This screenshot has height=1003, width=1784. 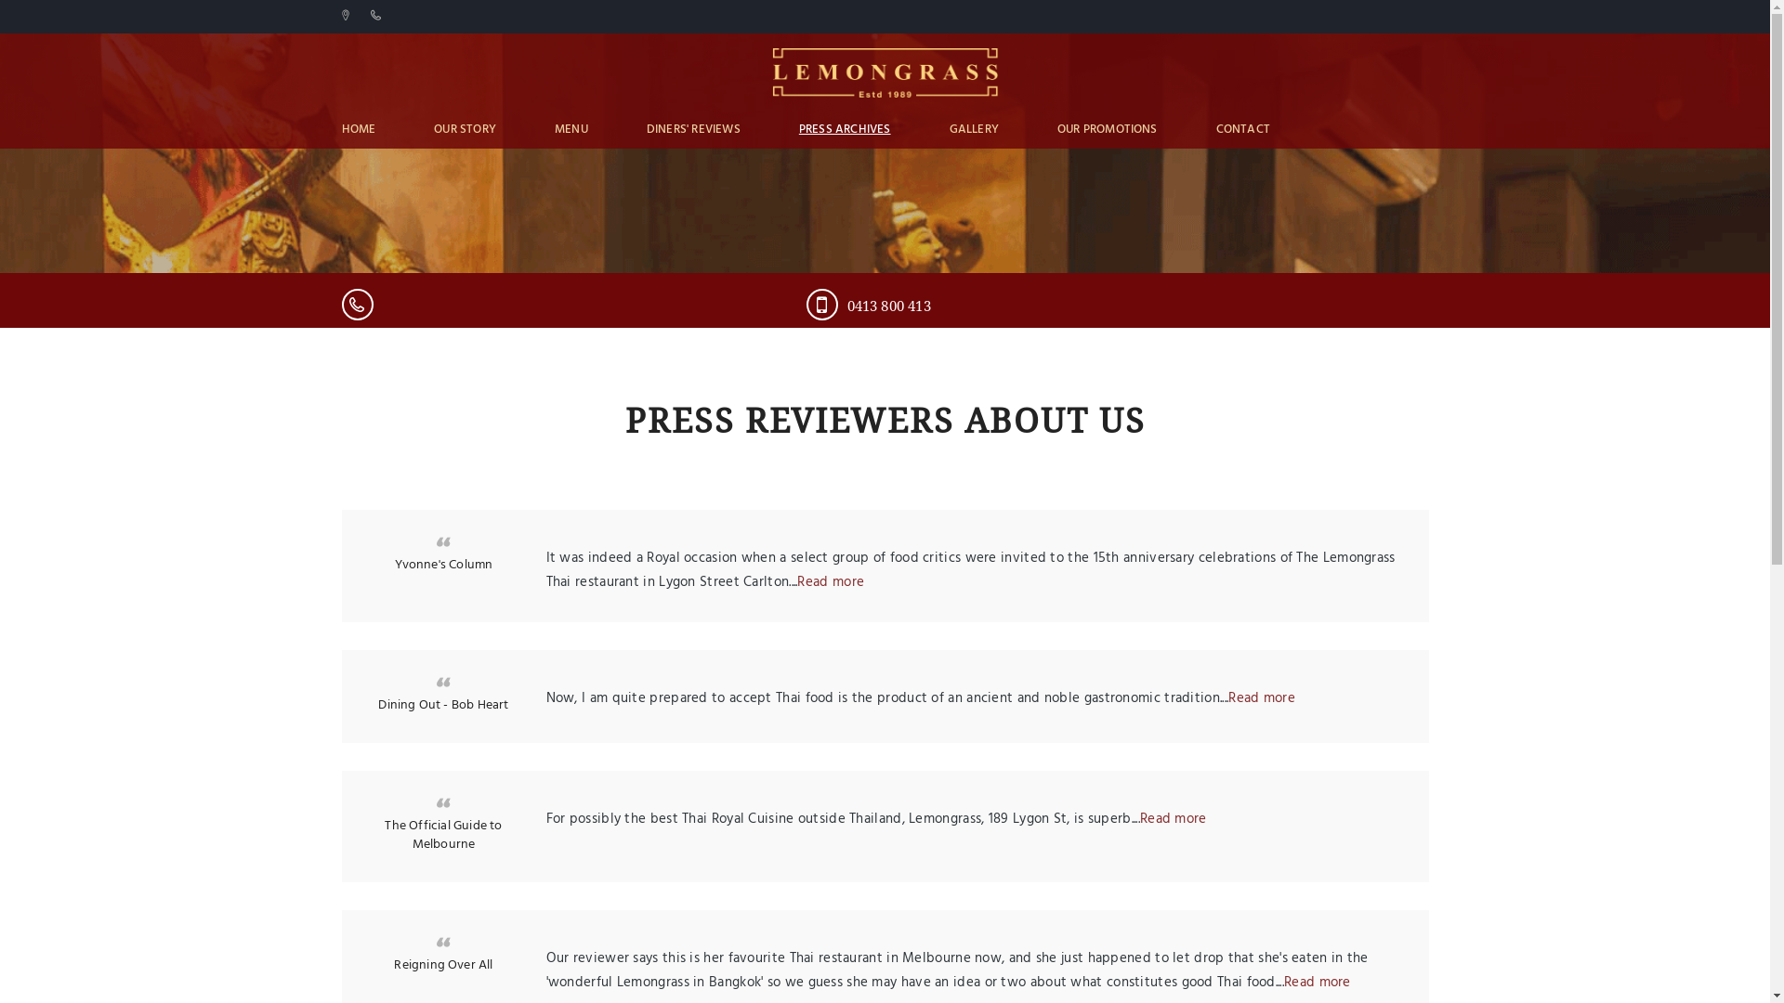 I want to click on 'CONTACT', so click(x=1243, y=128).